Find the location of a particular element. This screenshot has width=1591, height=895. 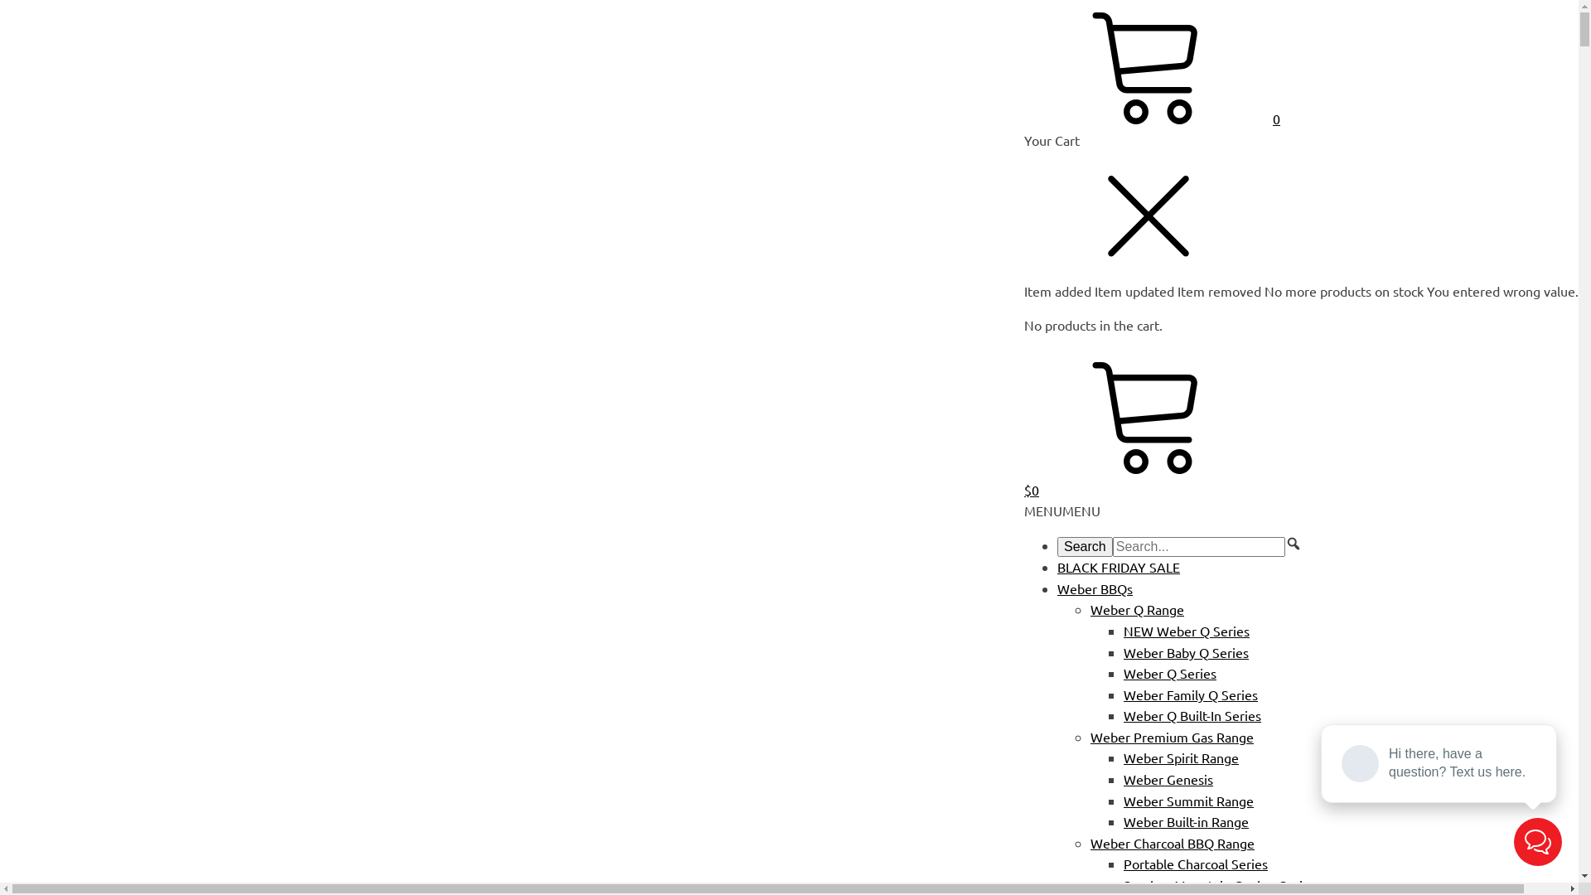

'Search' is located at coordinates (1085, 546).